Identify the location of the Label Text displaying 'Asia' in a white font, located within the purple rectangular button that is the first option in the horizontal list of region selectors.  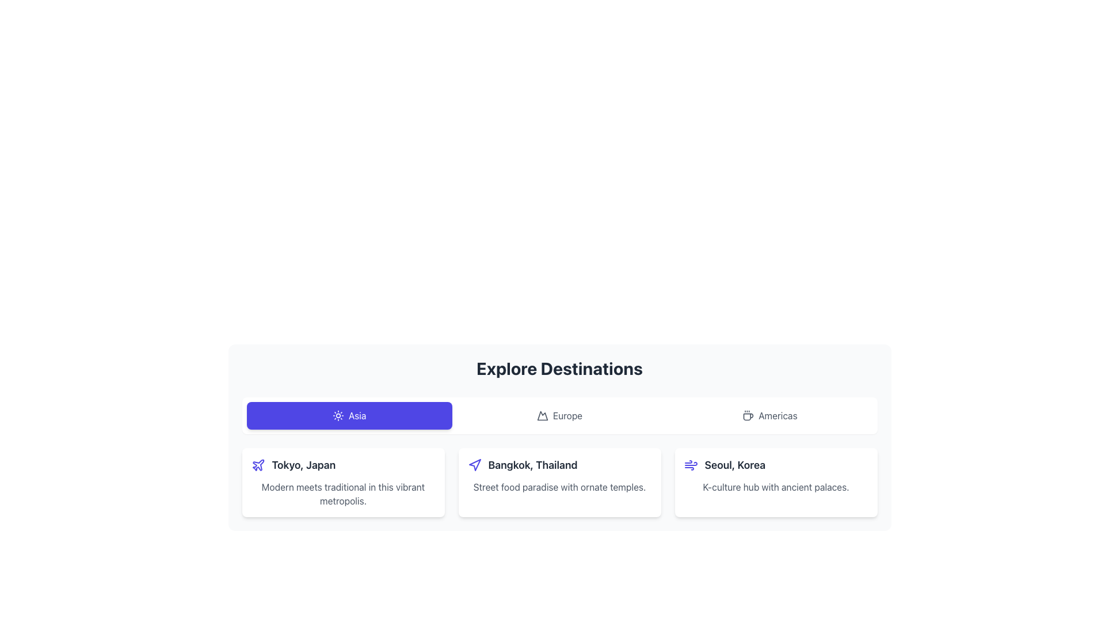
(357, 415).